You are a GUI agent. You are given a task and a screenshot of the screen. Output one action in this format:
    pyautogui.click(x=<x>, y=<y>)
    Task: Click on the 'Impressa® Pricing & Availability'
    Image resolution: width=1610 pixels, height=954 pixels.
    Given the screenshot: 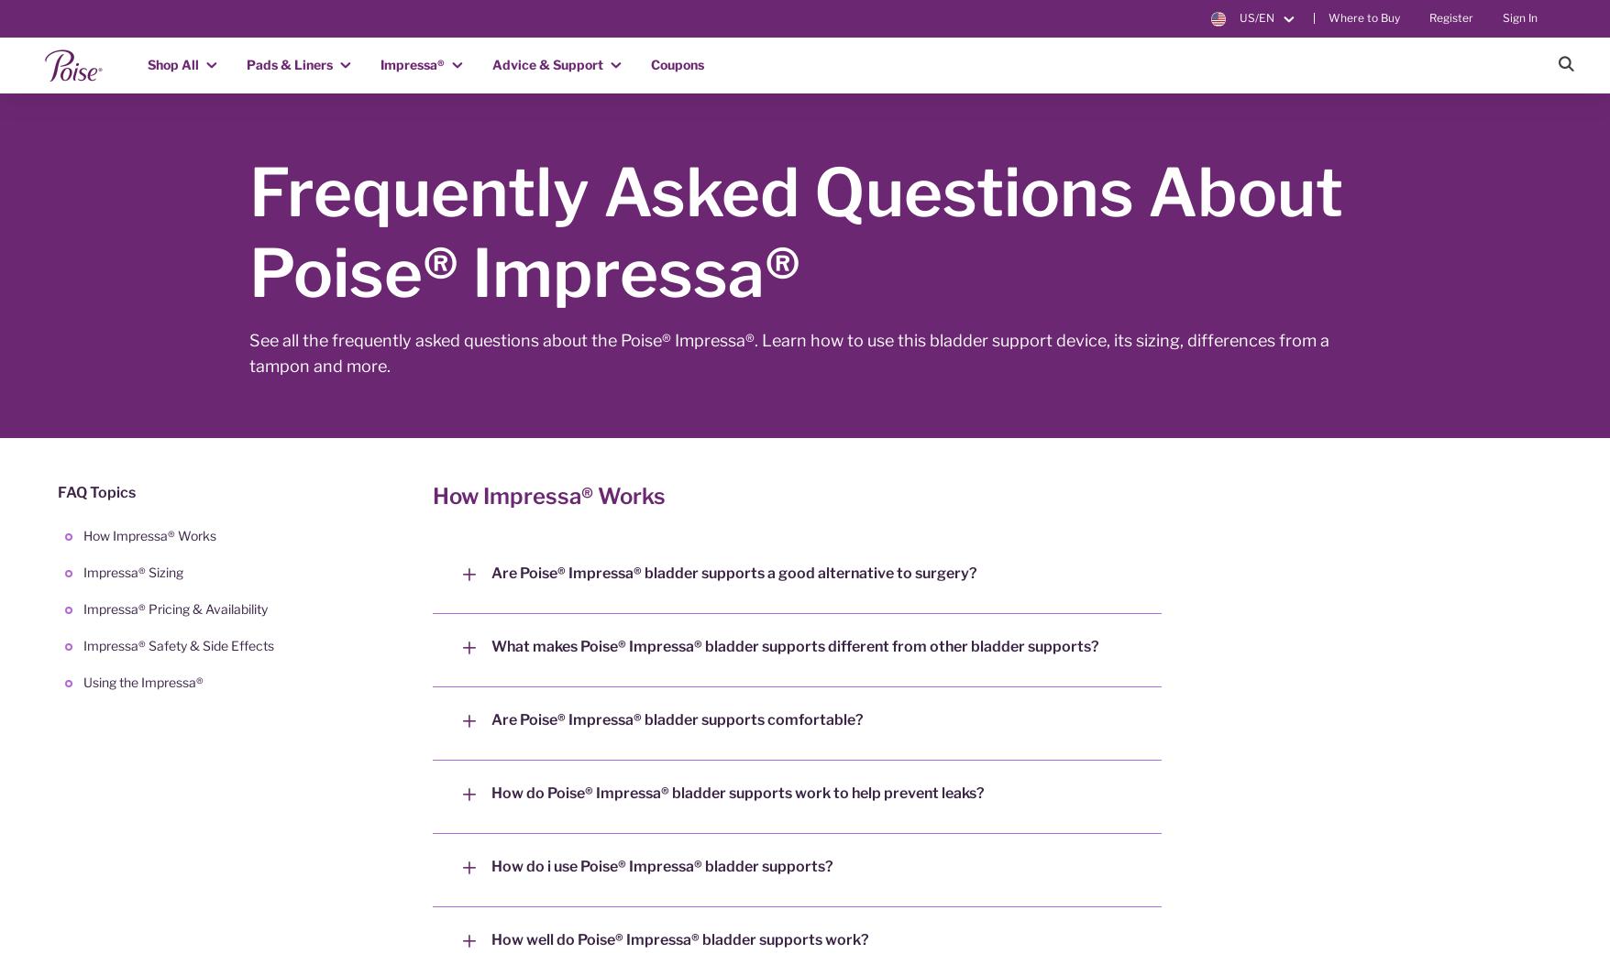 What is the action you would take?
    pyautogui.click(x=174, y=608)
    